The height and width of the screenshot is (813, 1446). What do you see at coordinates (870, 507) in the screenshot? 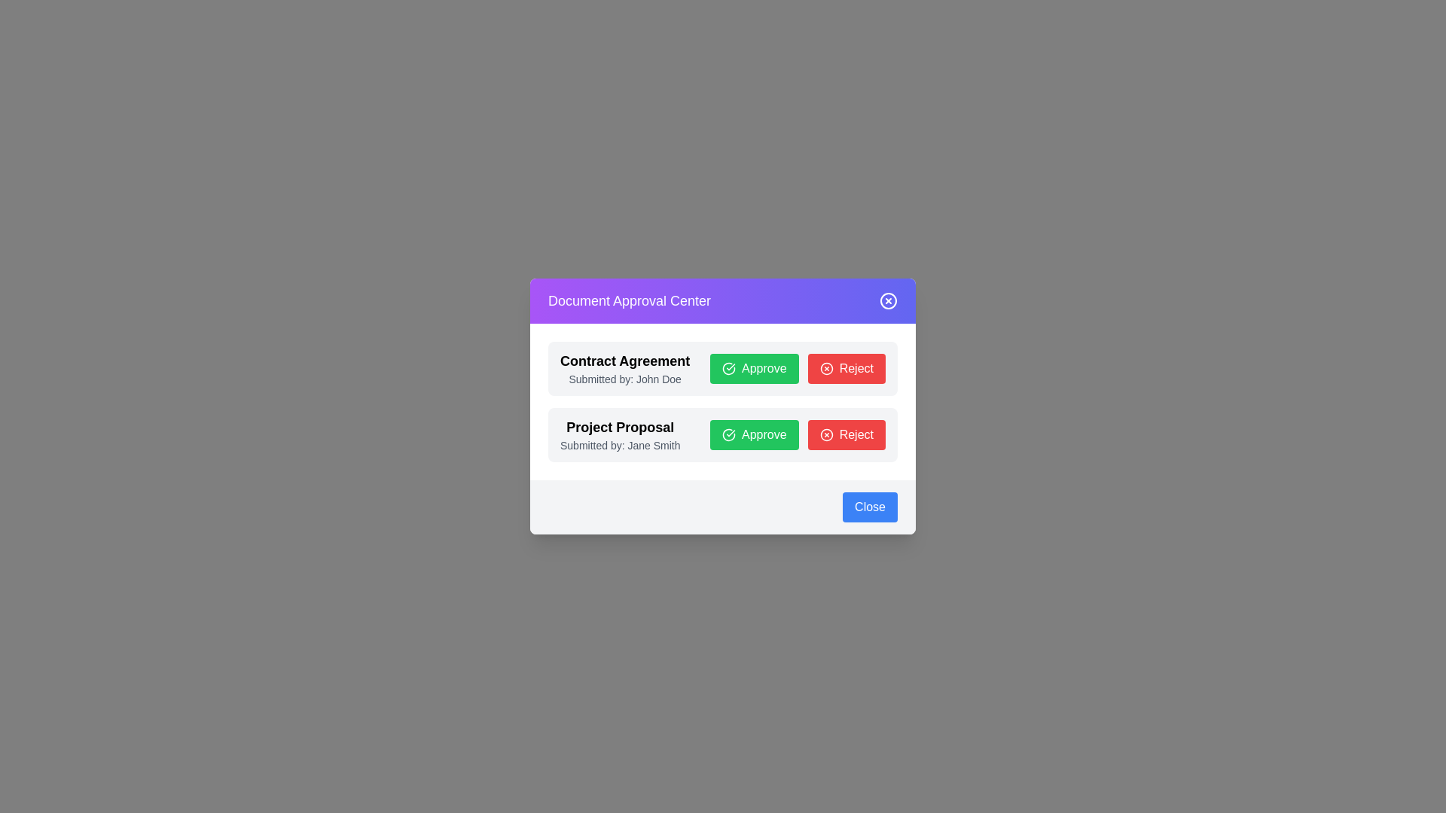
I see `the close button located in the bottom-right corner of the modal dialog box to trigger hover effects` at bounding box center [870, 507].